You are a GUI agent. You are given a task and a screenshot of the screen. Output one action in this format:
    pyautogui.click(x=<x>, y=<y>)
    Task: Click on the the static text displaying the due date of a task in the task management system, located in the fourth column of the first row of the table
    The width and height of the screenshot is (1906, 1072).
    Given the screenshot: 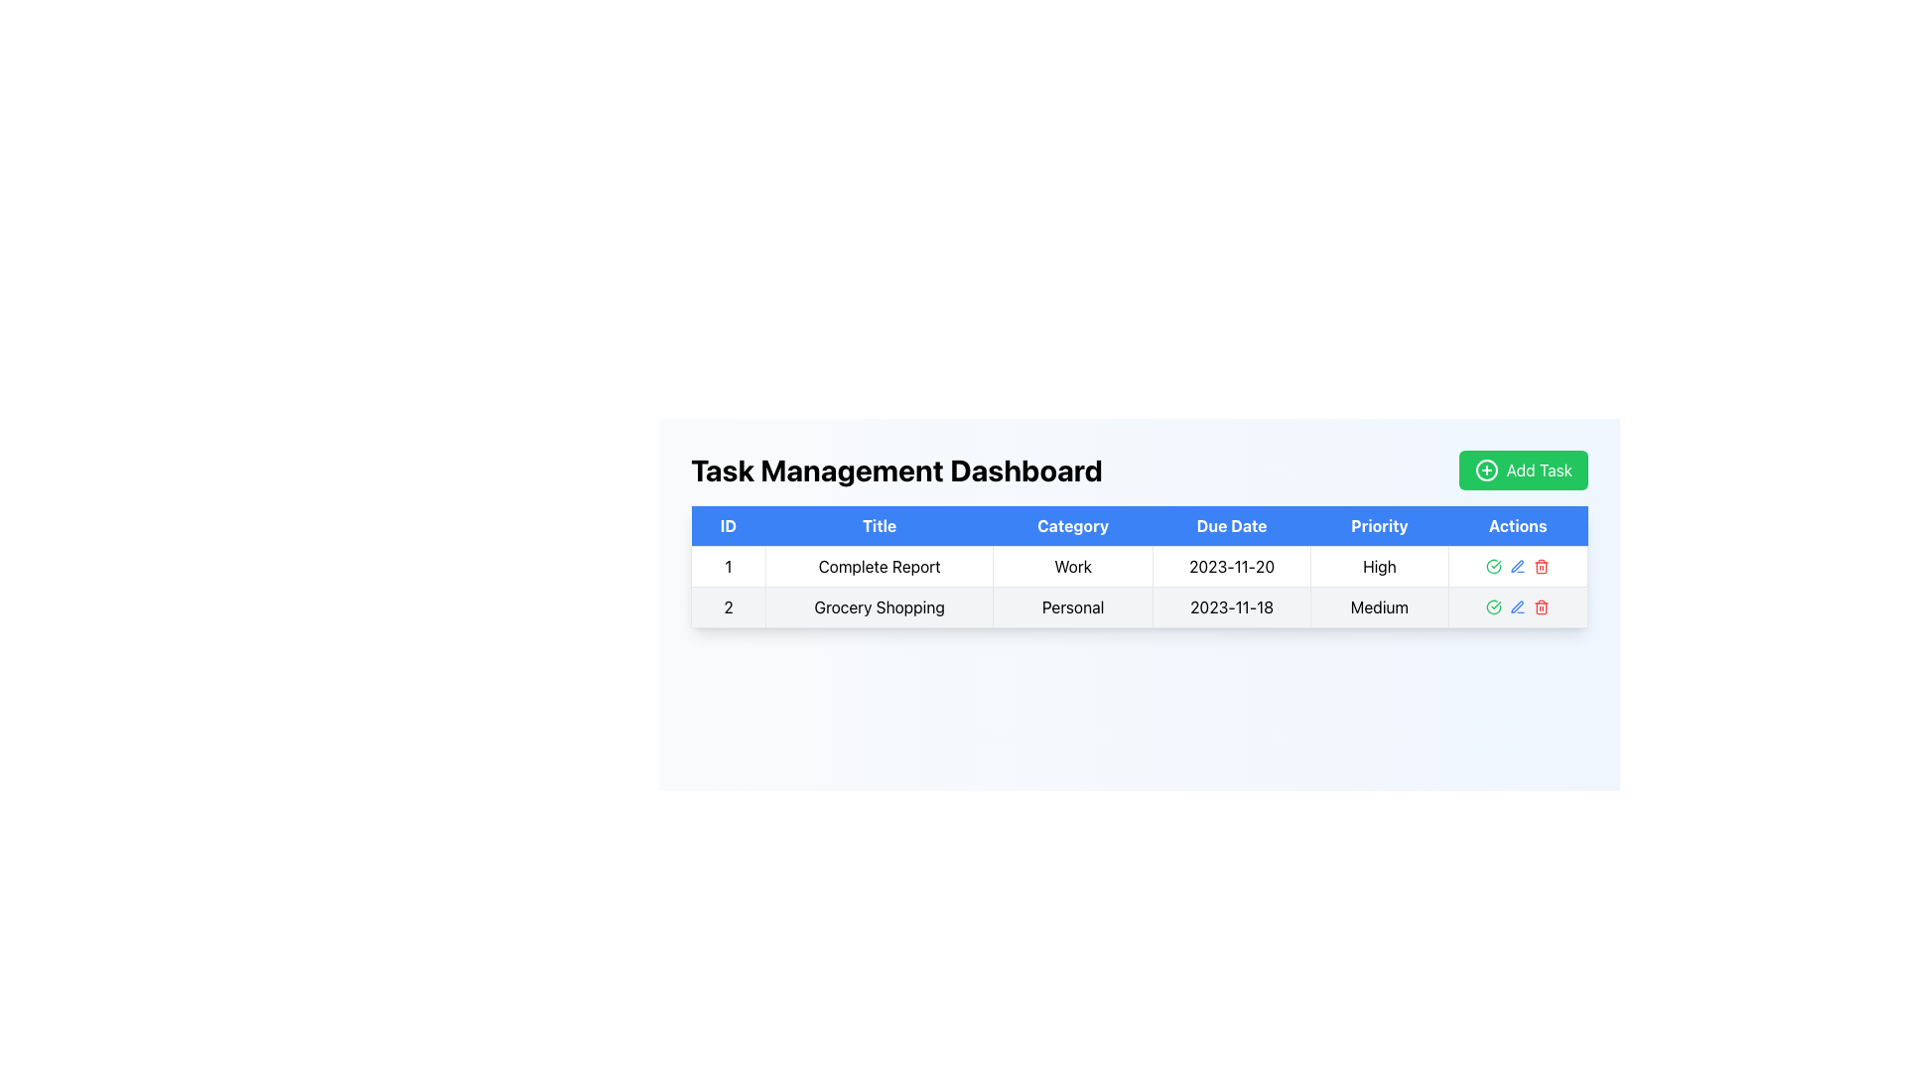 What is the action you would take?
    pyautogui.click(x=1231, y=566)
    